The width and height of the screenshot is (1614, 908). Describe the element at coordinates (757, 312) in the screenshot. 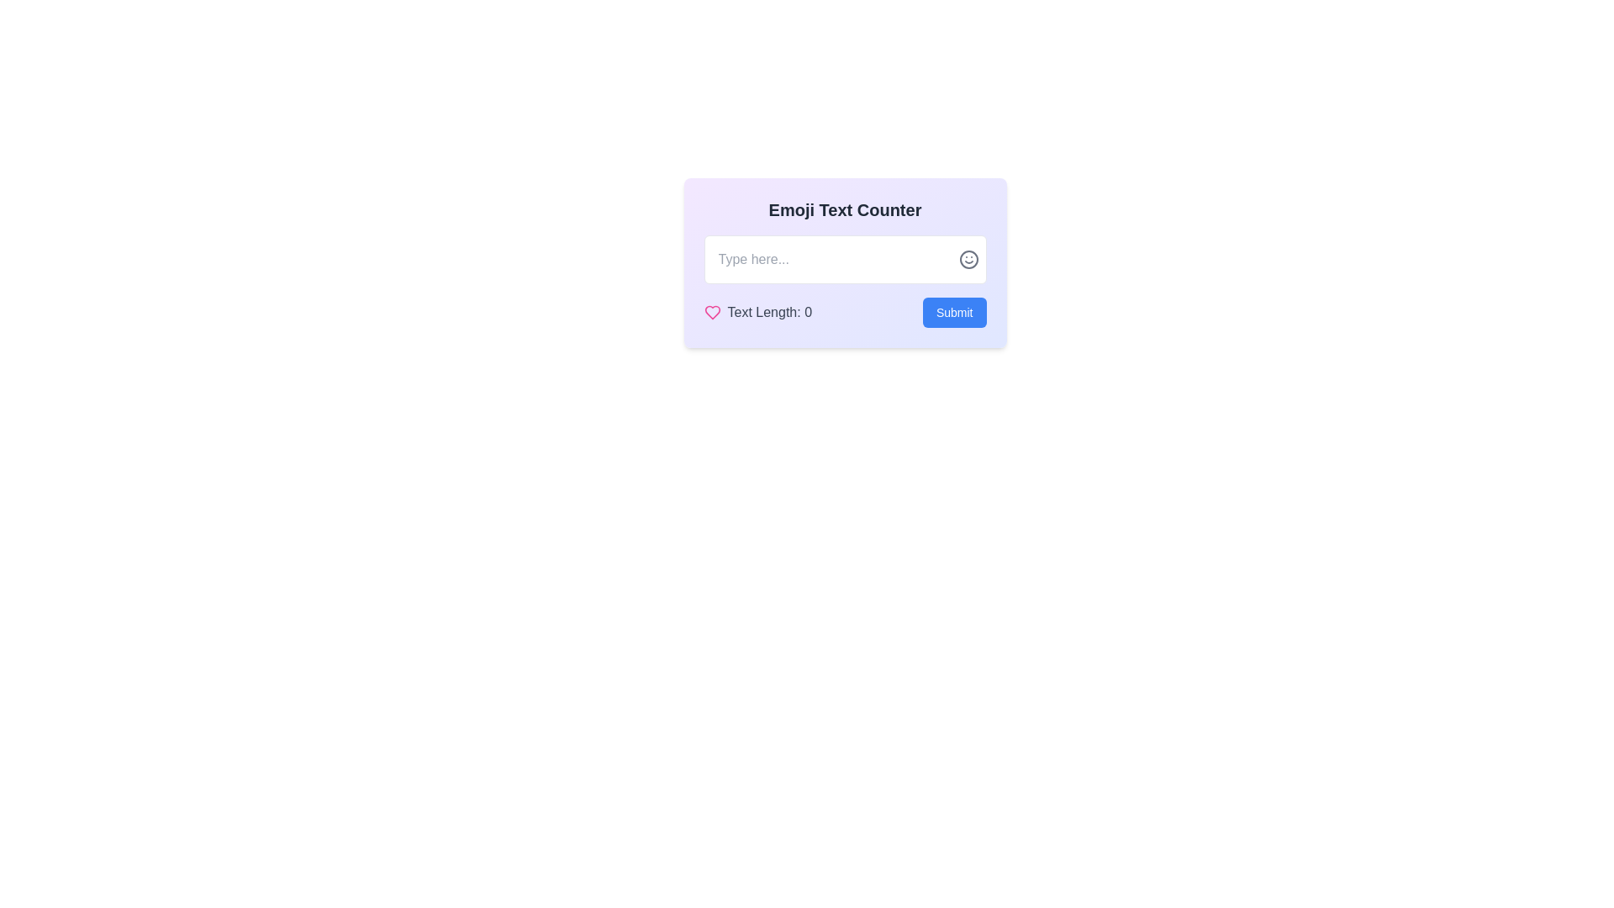

I see `the heart icon and text combination that provides visual feedback about the length of the text entered into the input field above` at that location.